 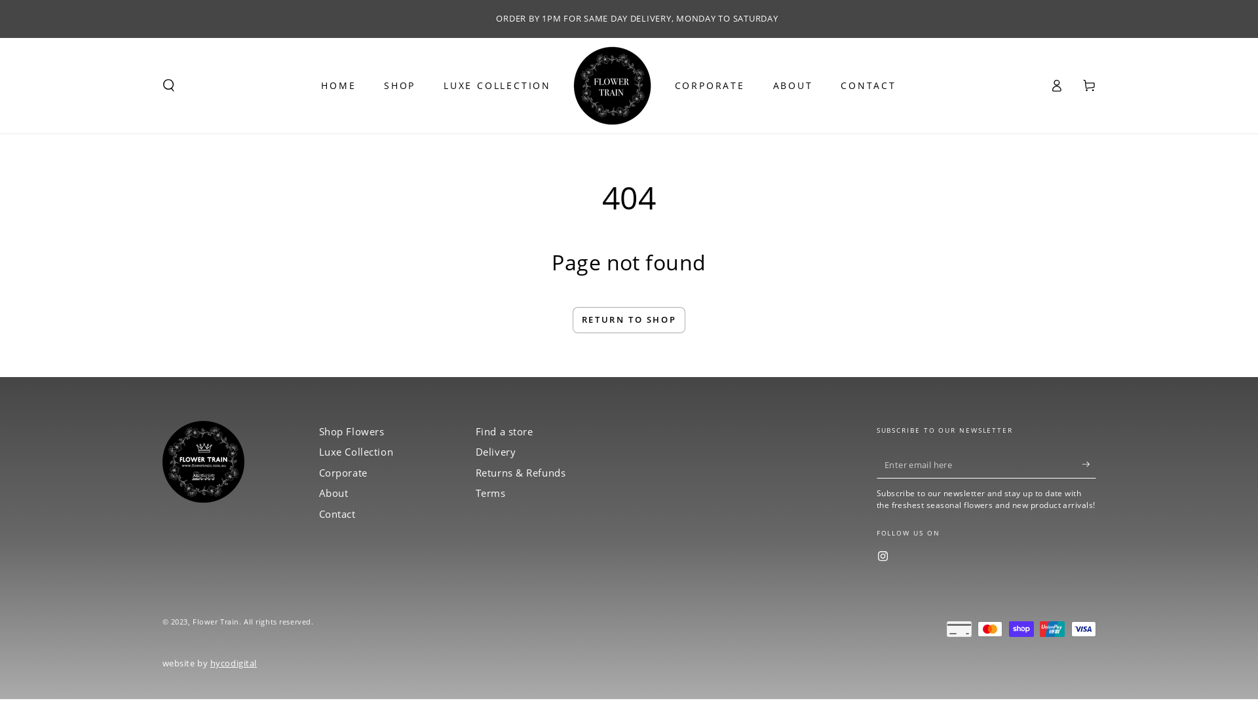 I want to click on 'hycodigital', so click(x=233, y=663).